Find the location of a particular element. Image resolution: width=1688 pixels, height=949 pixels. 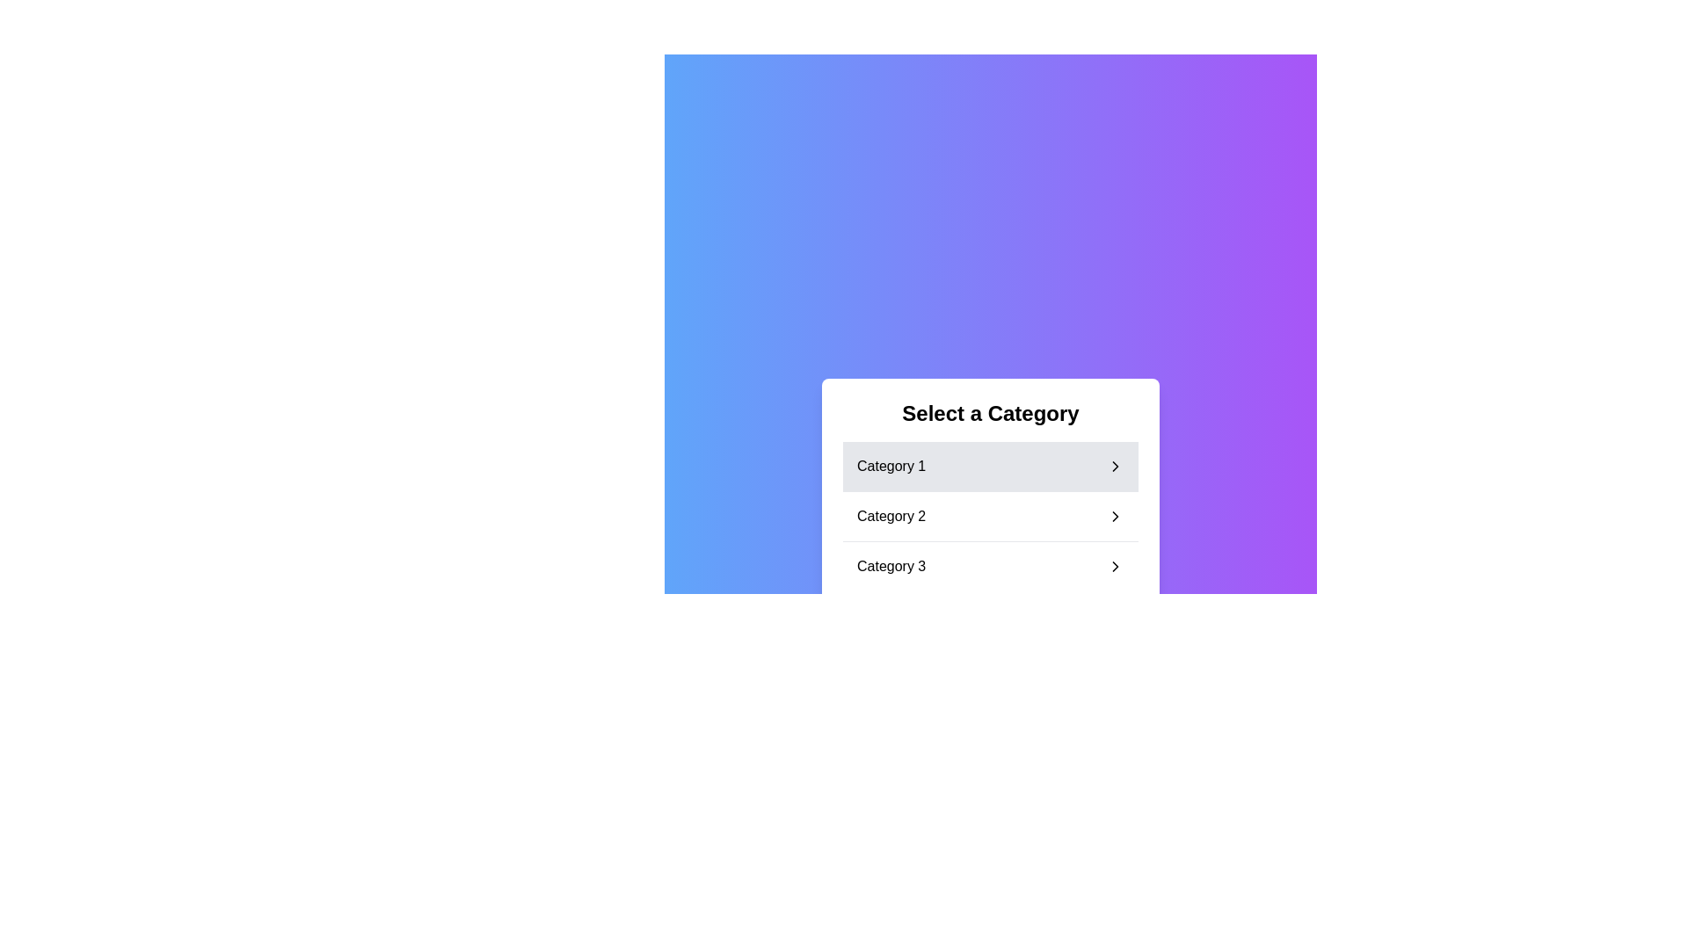

the small right-pointing chevron icon located to the right of the text 'Category 2' is located at coordinates (1114, 515).